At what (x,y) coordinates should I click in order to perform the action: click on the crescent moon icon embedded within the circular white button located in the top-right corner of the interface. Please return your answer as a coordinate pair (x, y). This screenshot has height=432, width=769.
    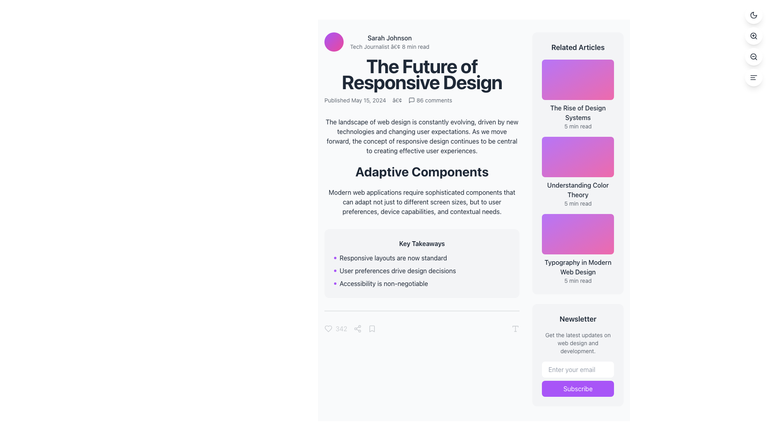
    Looking at the image, I should click on (753, 15).